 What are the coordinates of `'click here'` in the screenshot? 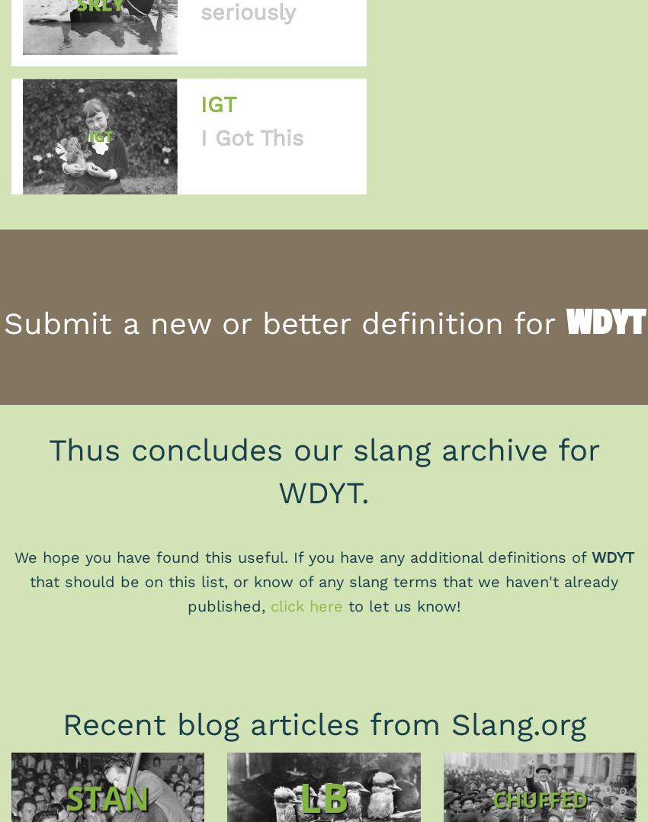 It's located at (269, 605).